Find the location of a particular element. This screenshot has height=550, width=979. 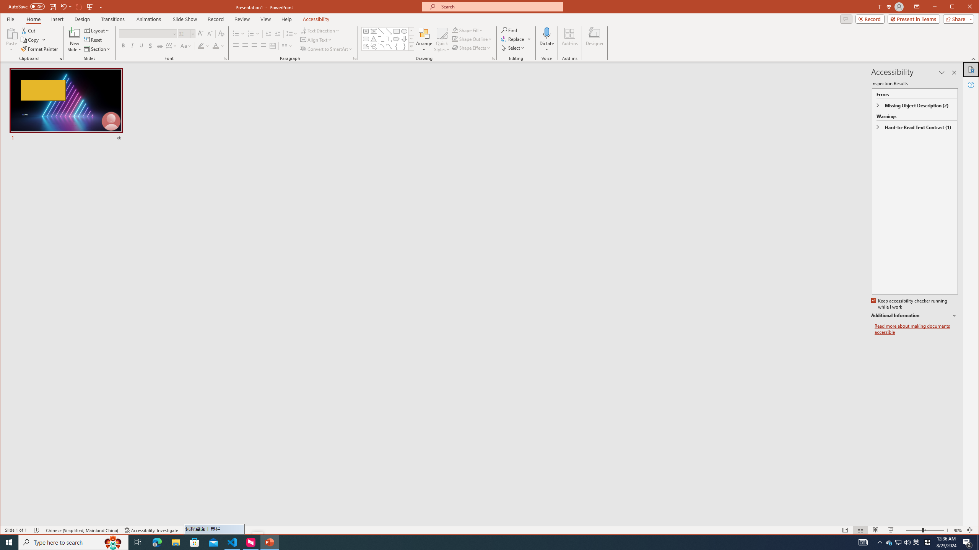

'Format Object...' is located at coordinates (493, 58).